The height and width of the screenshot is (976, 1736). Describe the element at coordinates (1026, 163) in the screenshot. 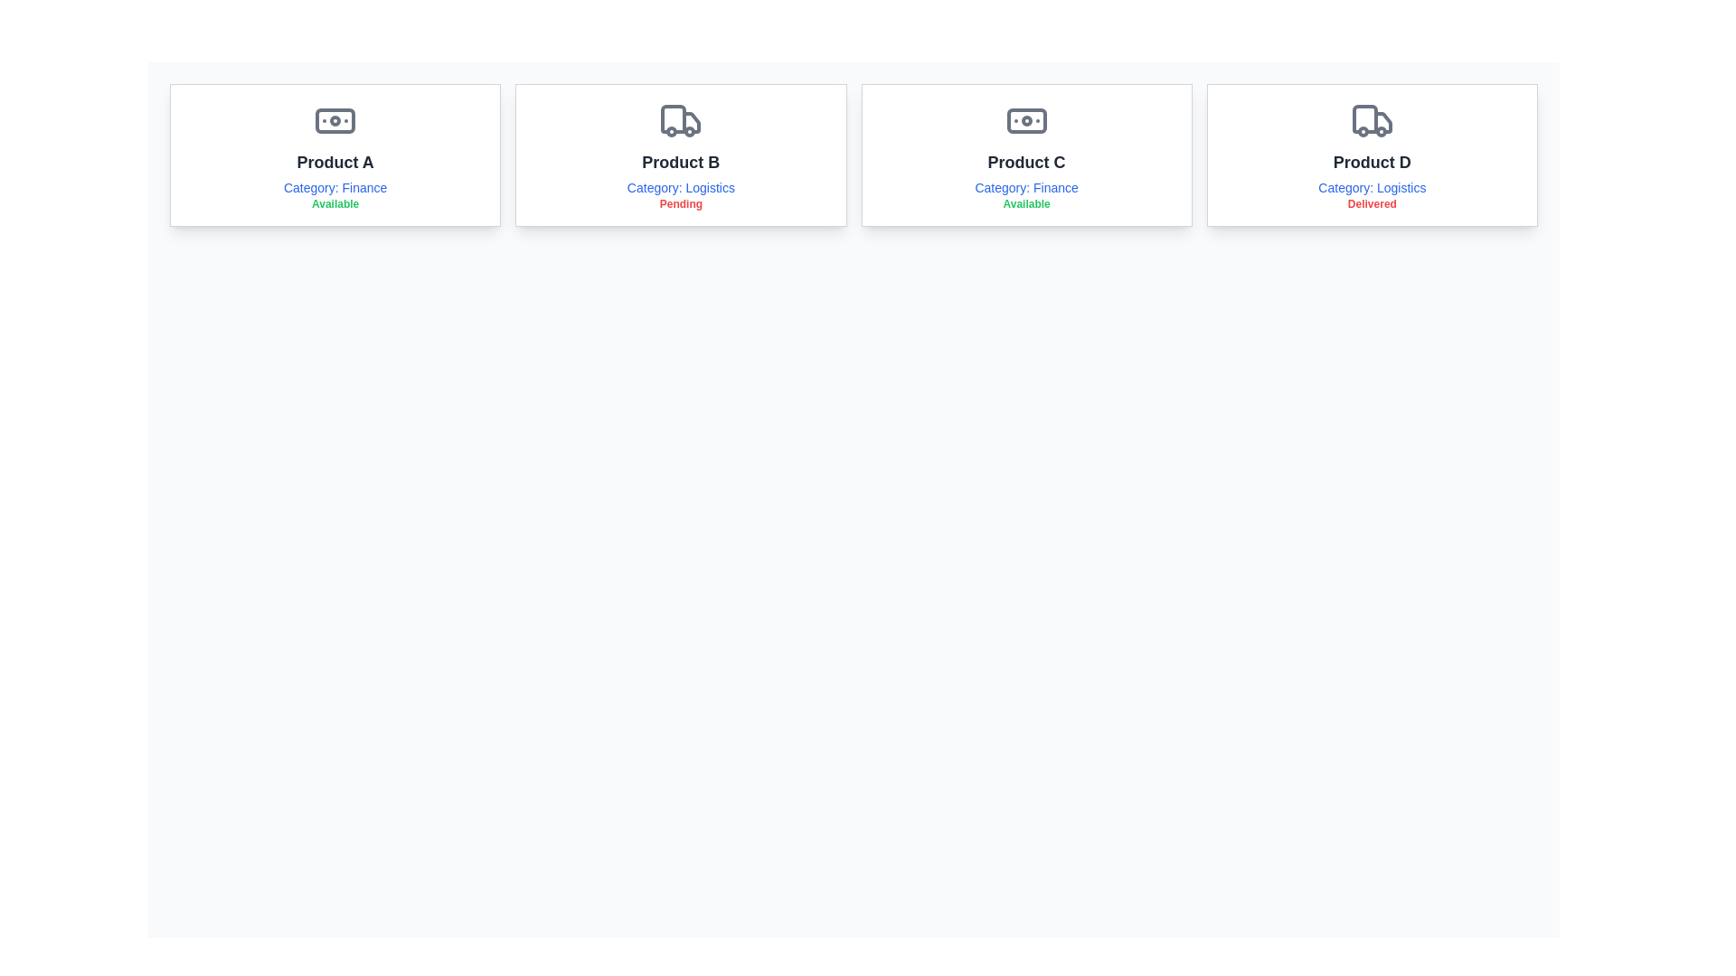

I see `the text label displaying 'Product C', which is styled in bold and dark gray, positioned within a product card` at that location.